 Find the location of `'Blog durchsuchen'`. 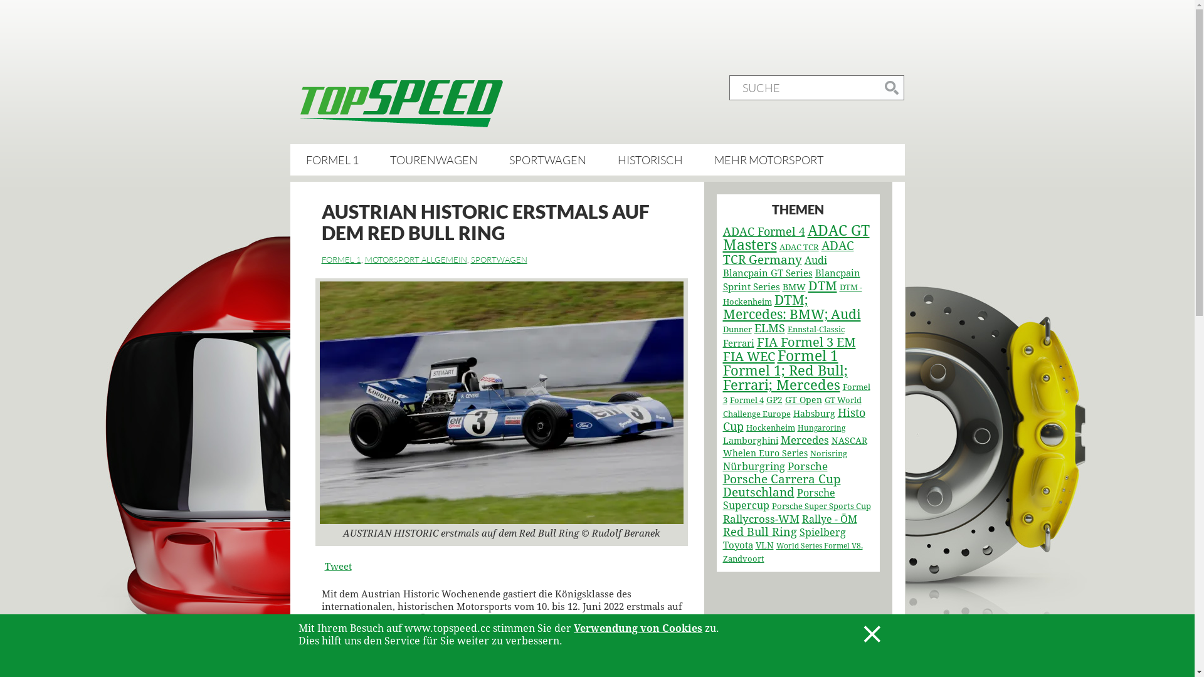

'Blog durchsuchen' is located at coordinates (890, 87).